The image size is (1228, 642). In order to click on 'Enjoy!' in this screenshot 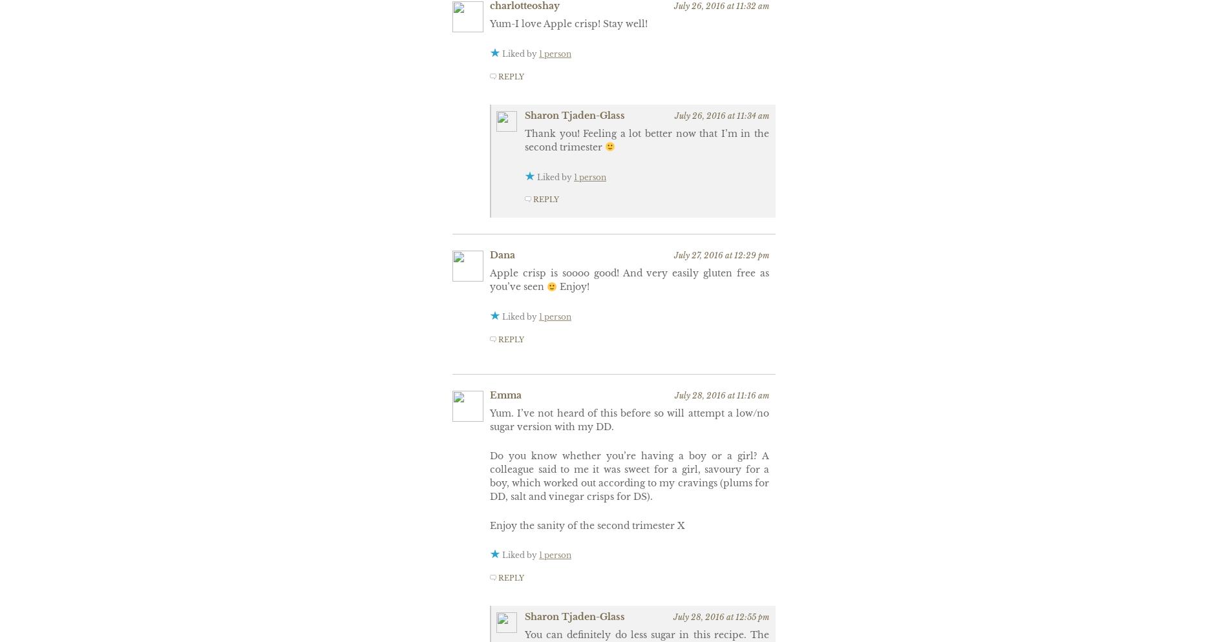, I will do `click(571, 287)`.